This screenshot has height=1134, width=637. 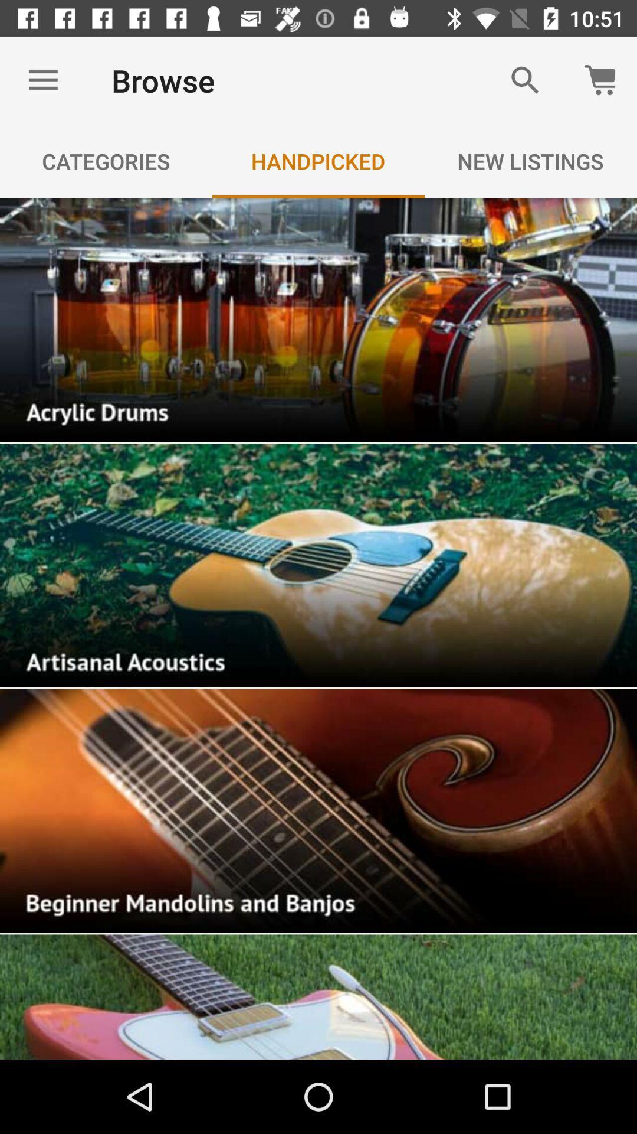 I want to click on item next to the browse item, so click(x=525, y=80).